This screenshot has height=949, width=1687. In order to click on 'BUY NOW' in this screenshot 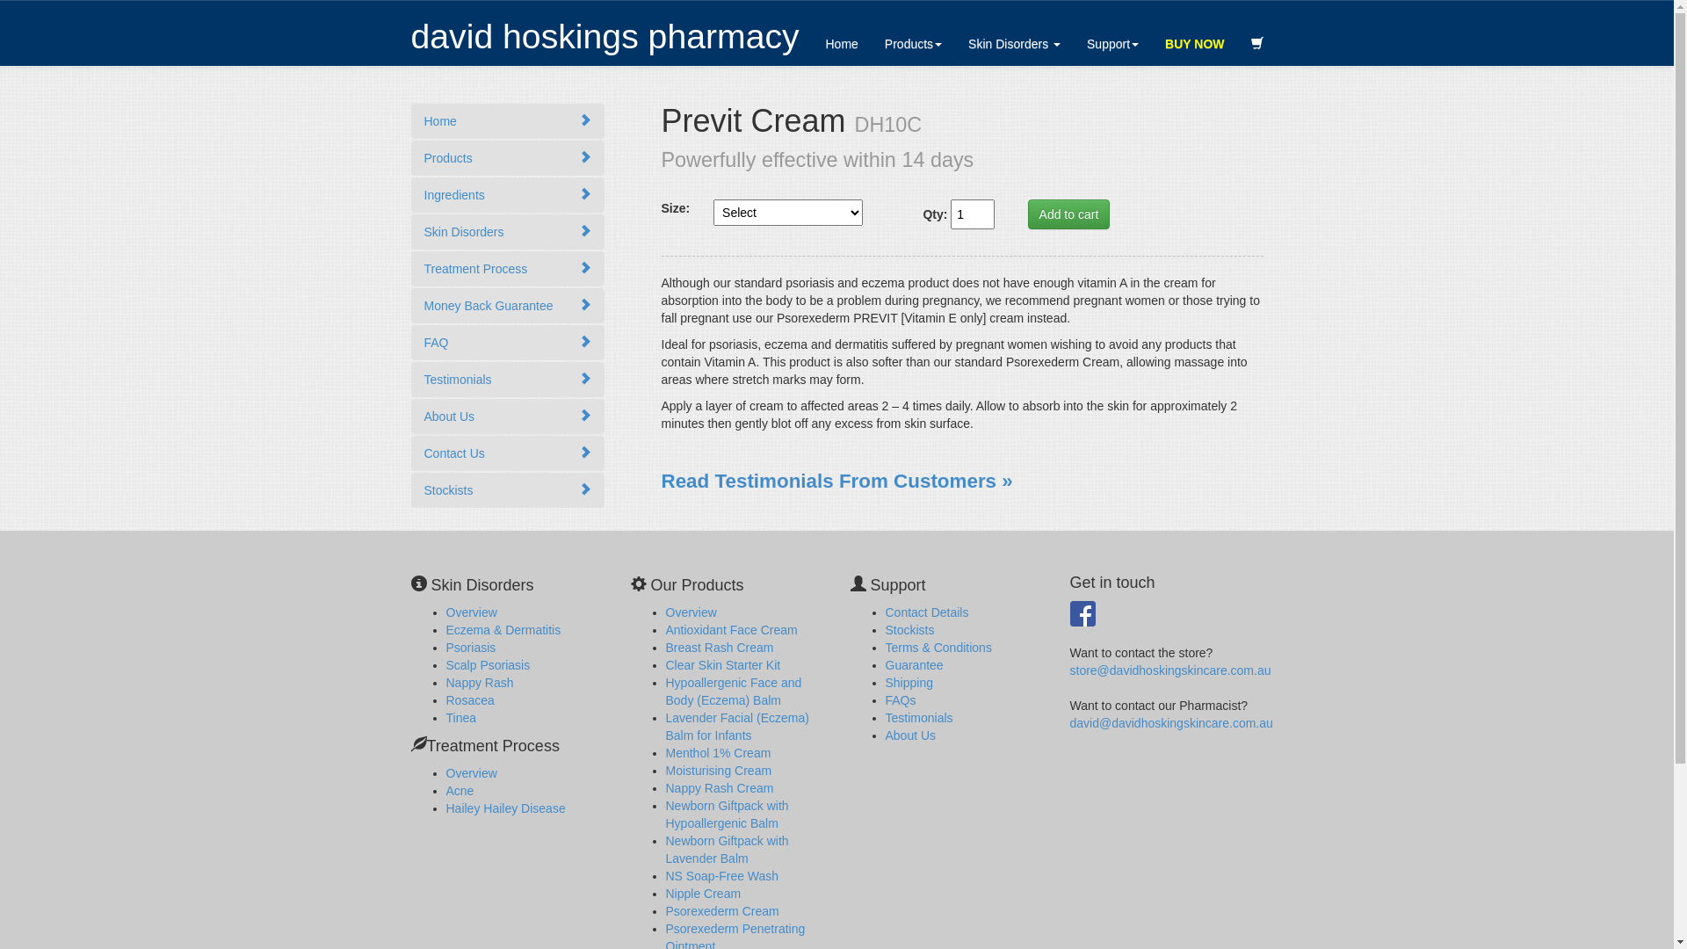, I will do `click(1194, 43)`.